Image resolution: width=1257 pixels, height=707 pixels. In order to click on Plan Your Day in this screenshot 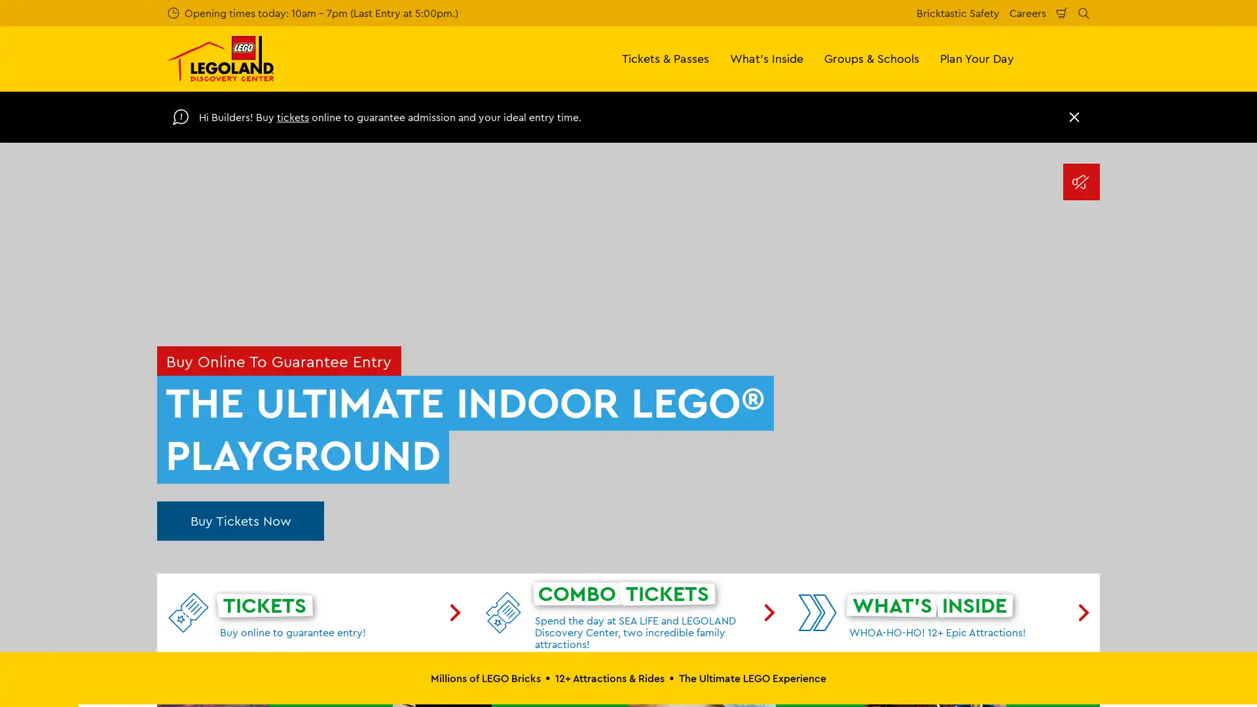, I will do `click(977, 58)`.